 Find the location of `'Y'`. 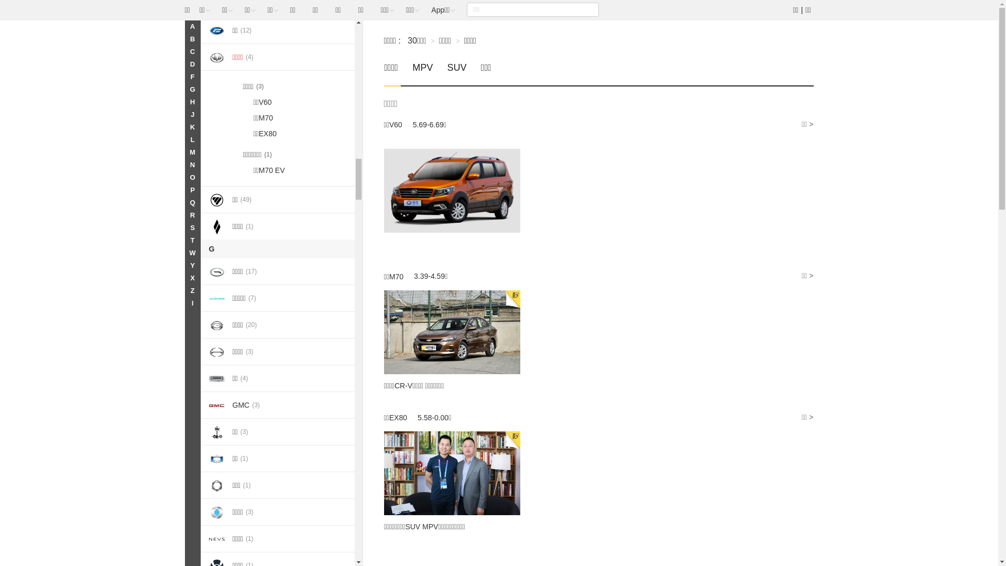

'Y' is located at coordinates (192, 265).